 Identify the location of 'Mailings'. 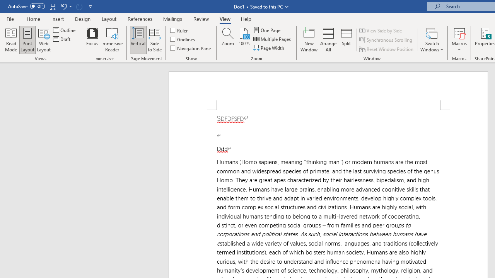
(172, 19).